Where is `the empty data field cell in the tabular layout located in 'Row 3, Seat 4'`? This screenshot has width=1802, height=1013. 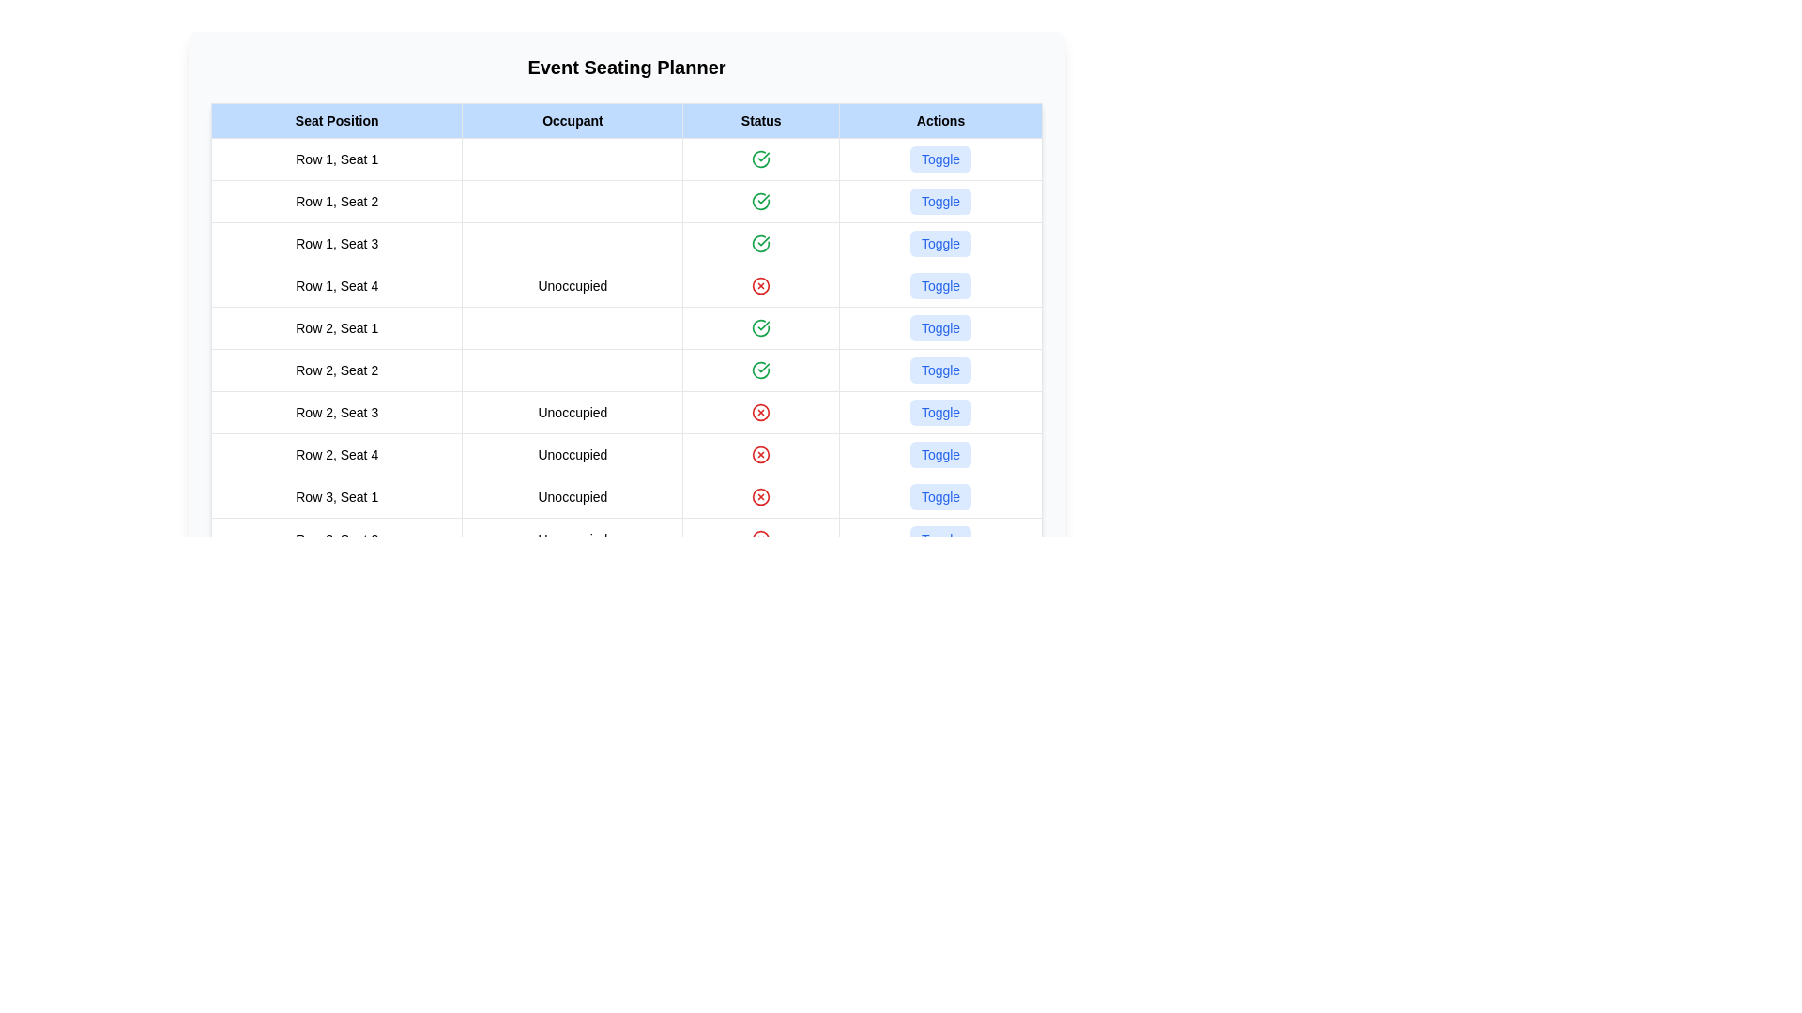 the empty data field cell in the tabular layout located in 'Row 3, Seat 4' is located at coordinates (572, 623).